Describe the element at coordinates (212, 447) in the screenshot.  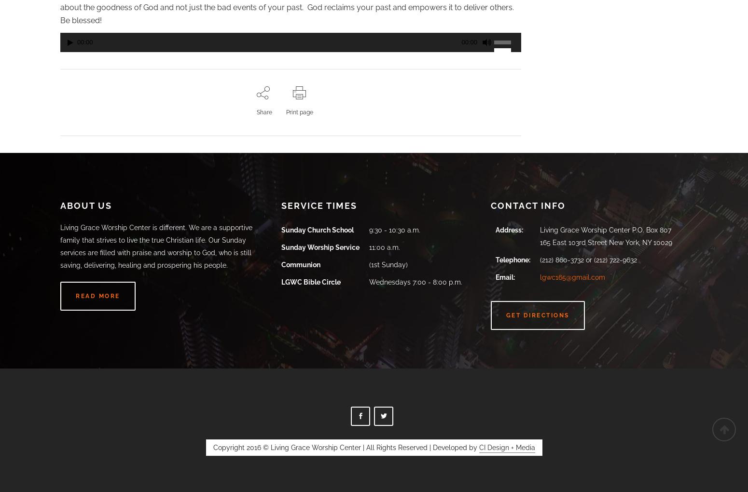
I see `'Copyright 2016 © Living Grace Worship Center | All Rights Reserved | Developed by'` at that location.